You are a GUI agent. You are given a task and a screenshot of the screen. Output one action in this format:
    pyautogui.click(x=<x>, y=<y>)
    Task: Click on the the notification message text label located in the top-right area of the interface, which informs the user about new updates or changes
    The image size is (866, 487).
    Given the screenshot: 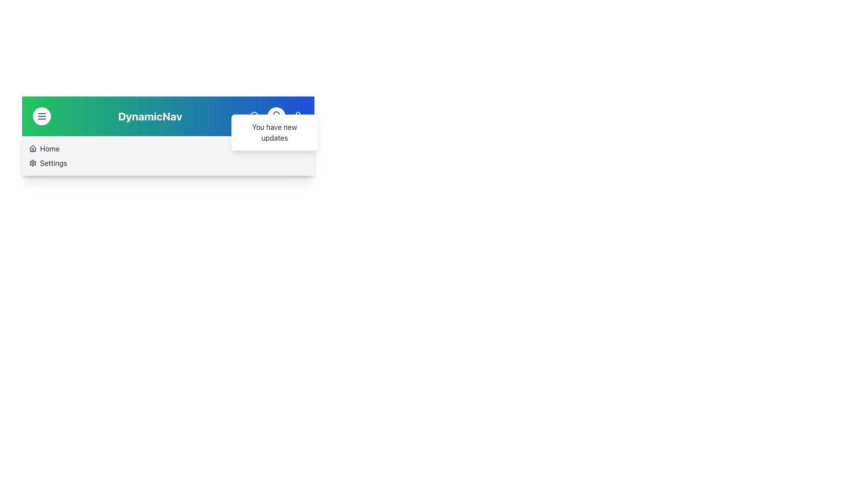 What is the action you would take?
    pyautogui.click(x=274, y=132)
    